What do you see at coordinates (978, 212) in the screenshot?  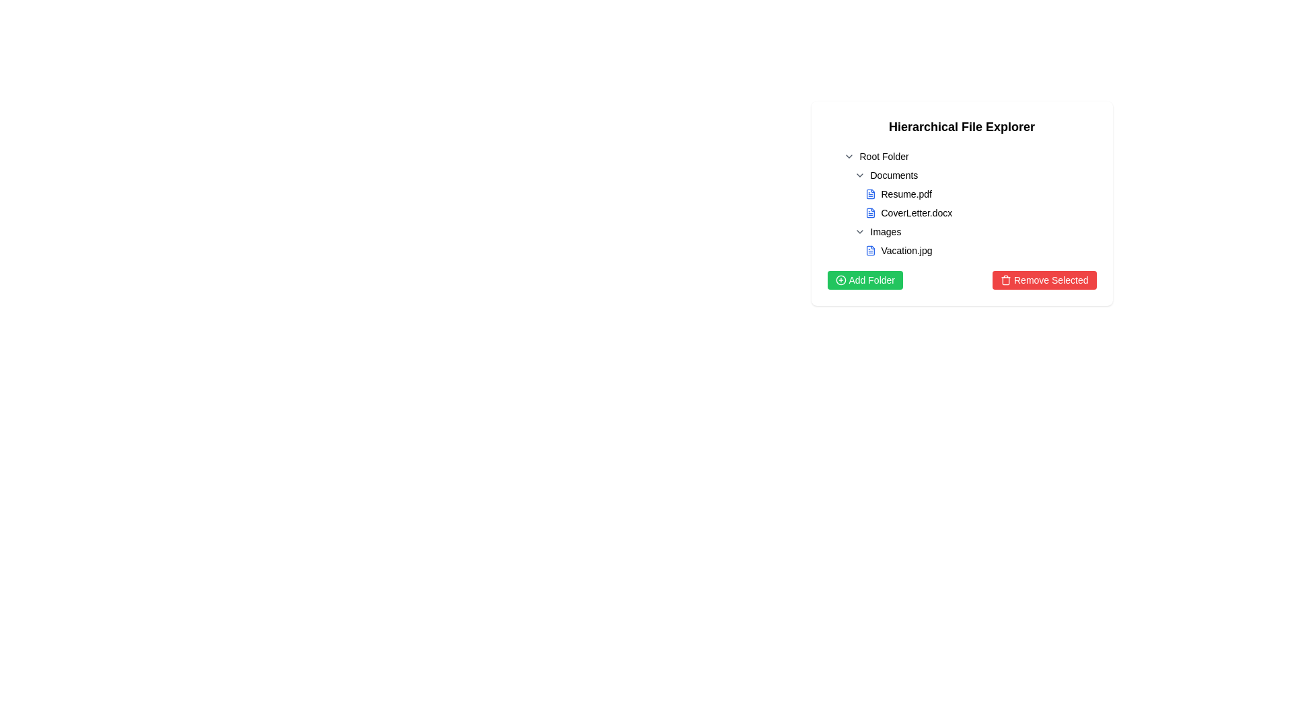 I see `the 'CoverLetter.docx' file entry in the Documents section` at bounding box center [978, 212].